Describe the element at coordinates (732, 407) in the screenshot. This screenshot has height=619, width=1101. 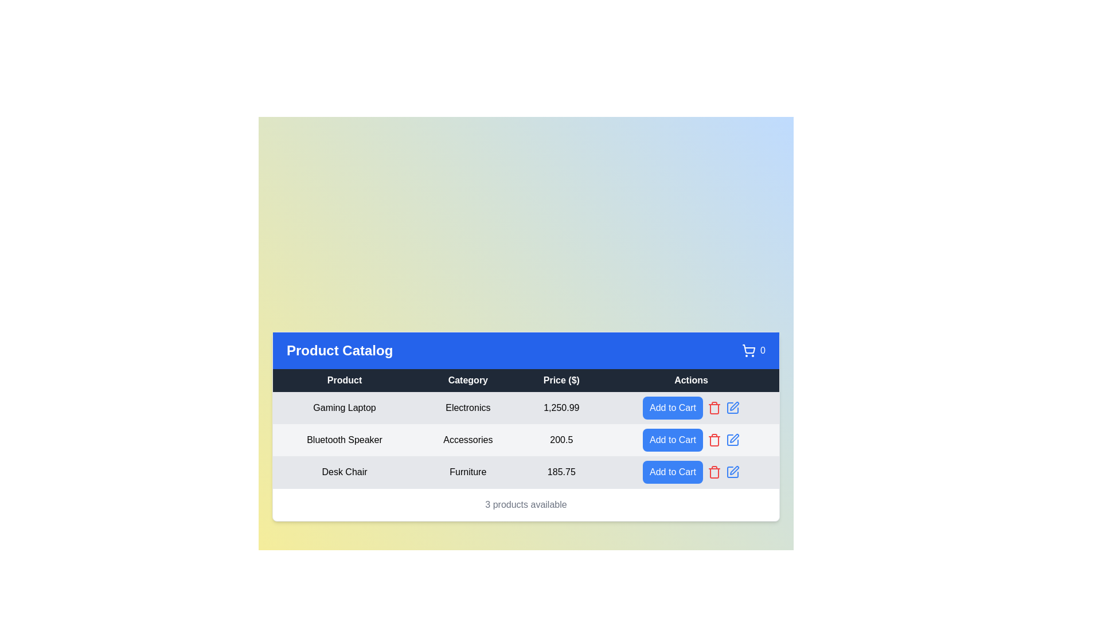
I see `the 'Edit' icon located in the 'Actions' column of the first row in the product table` at that location.